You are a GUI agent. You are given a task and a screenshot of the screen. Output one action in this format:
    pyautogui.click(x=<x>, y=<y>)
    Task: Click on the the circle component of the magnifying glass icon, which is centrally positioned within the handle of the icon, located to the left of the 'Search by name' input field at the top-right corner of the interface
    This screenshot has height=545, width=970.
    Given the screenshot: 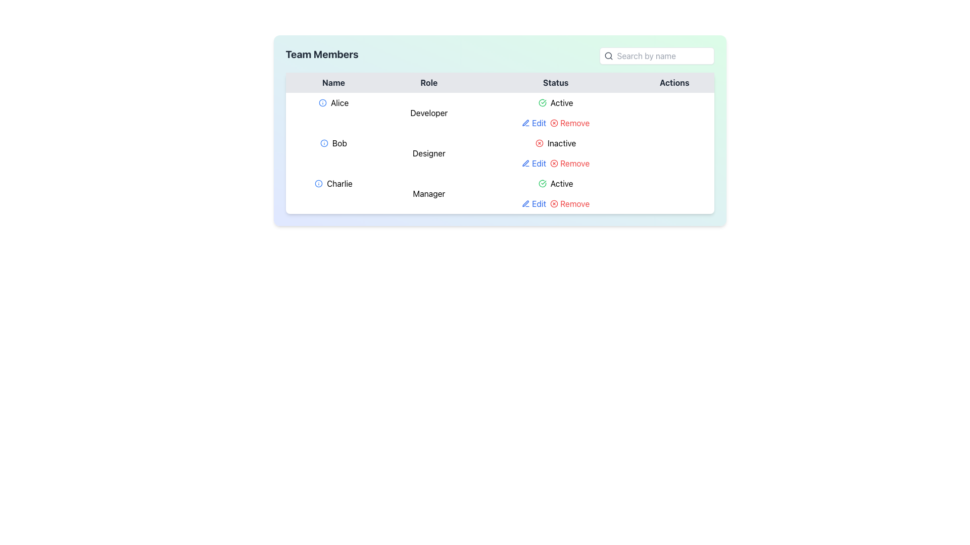 What is the action you would take?
    pyautogui.click(x=607, y=56)
    